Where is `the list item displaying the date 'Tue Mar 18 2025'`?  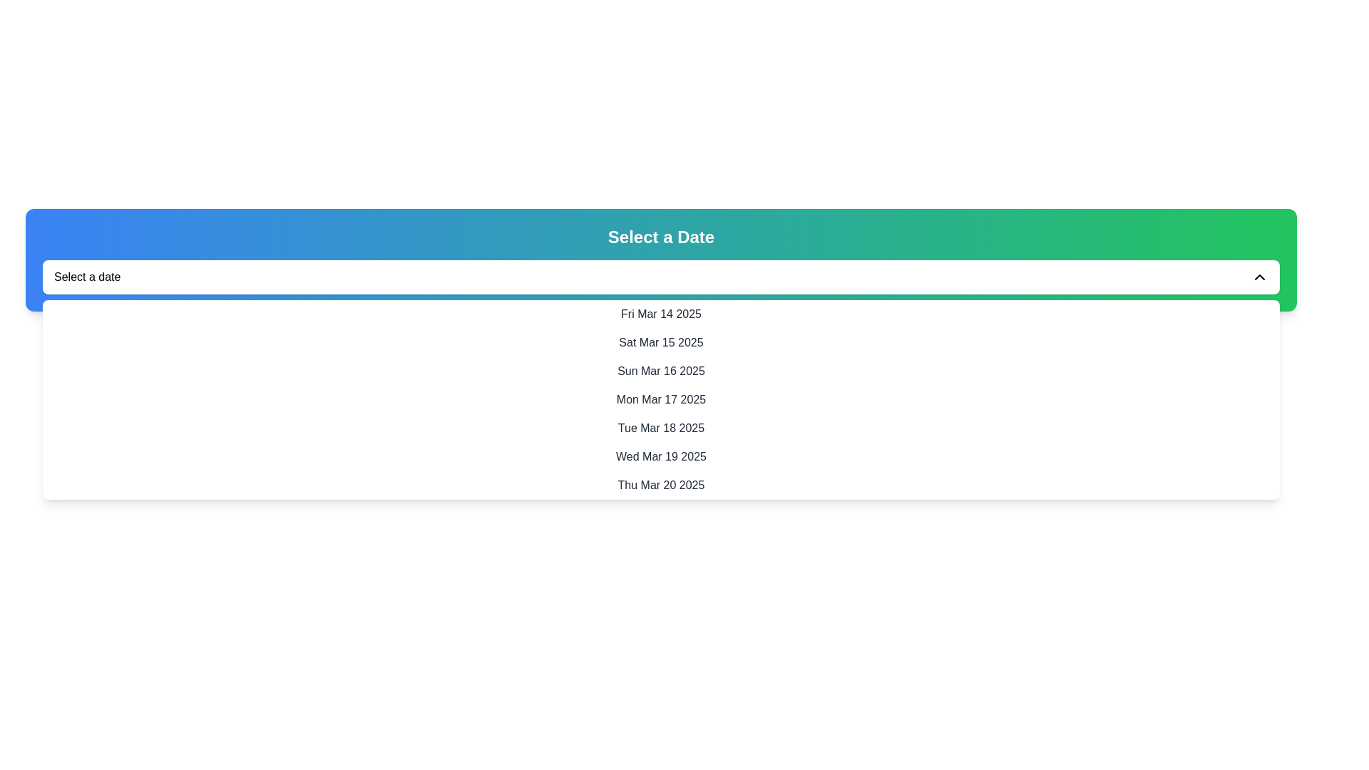
the list item displaying the date 'Tue Mar 18 2025' is located at coordinates (660, 428).